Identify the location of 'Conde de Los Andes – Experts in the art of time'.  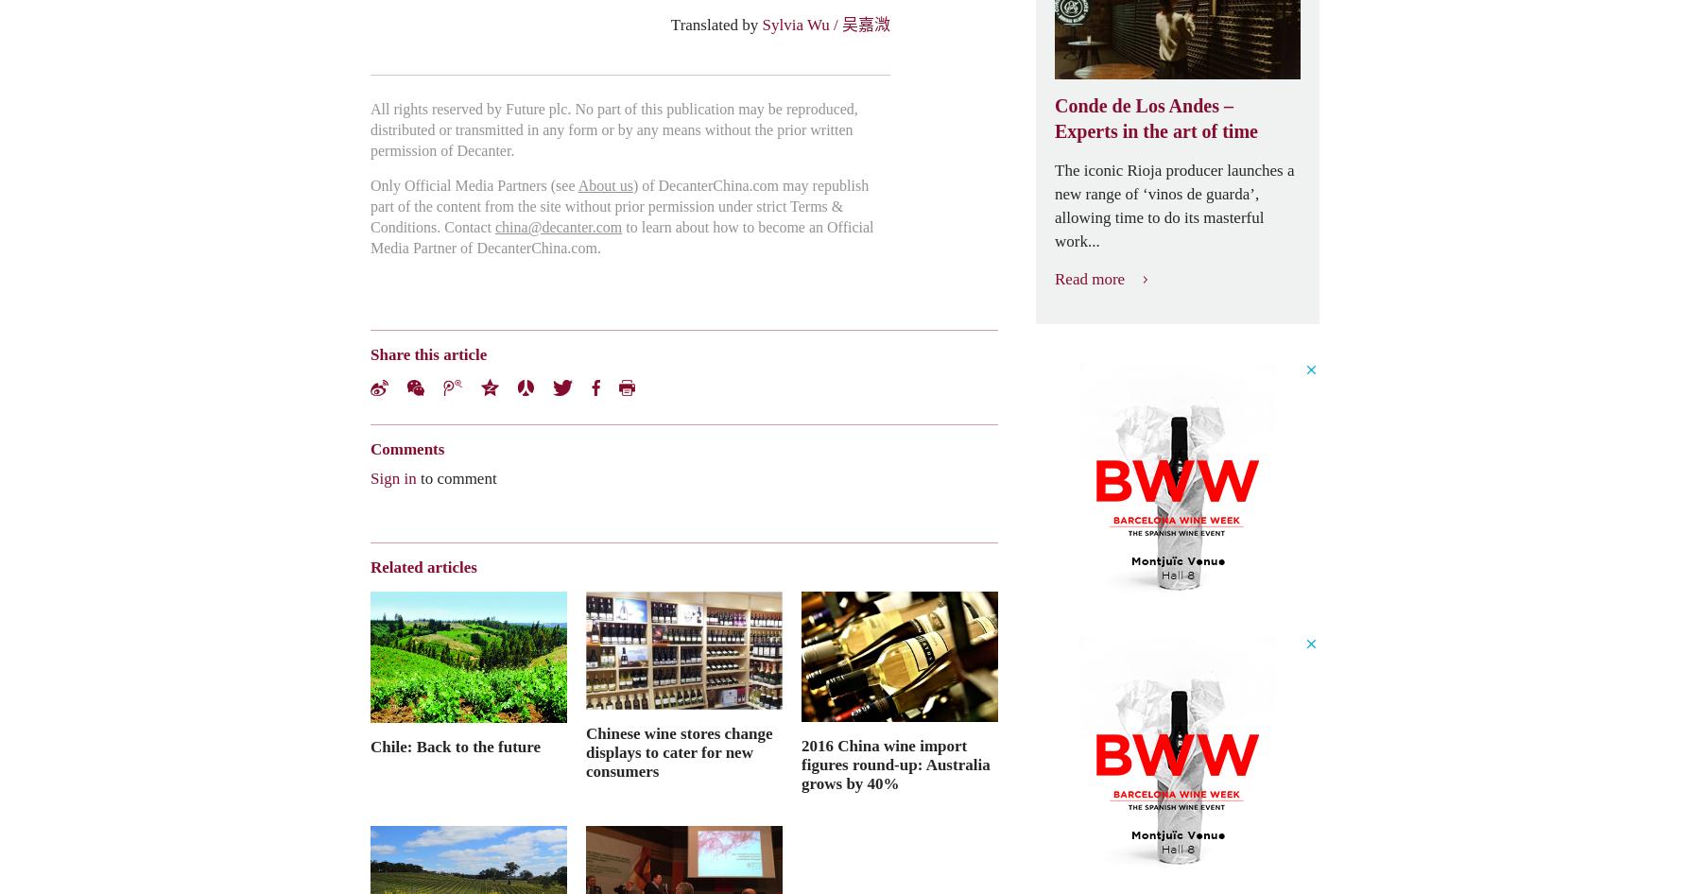
(1154, 116).